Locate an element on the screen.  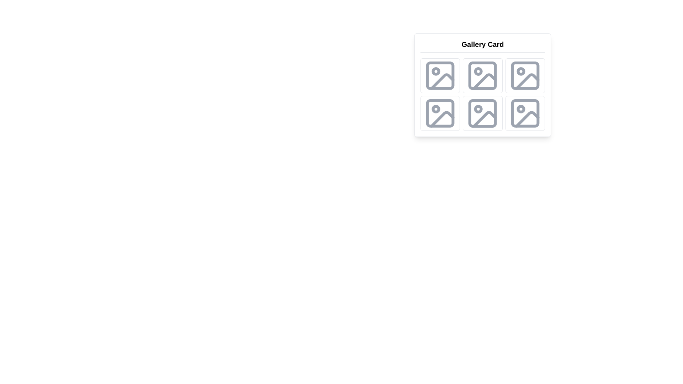
the image thumbnail located in the top-left corner of the 3x3 grid within the 'Gallery Card' is located at coordinates (440, 75).